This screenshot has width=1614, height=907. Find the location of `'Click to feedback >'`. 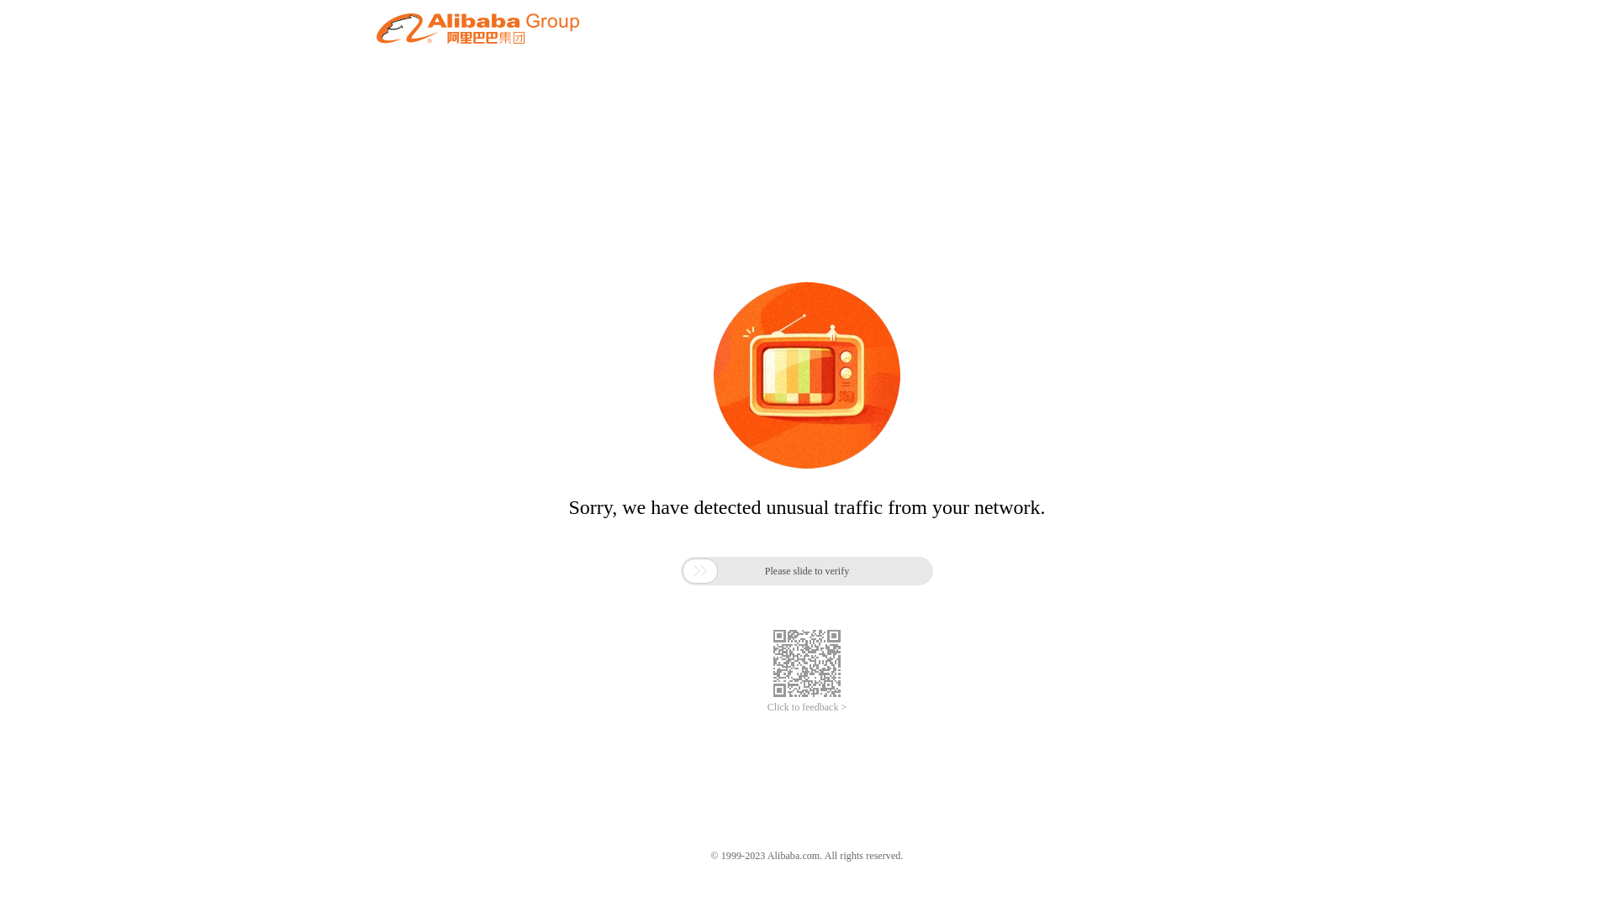

'Click to feedback >' is located at coordinates (766, 707).